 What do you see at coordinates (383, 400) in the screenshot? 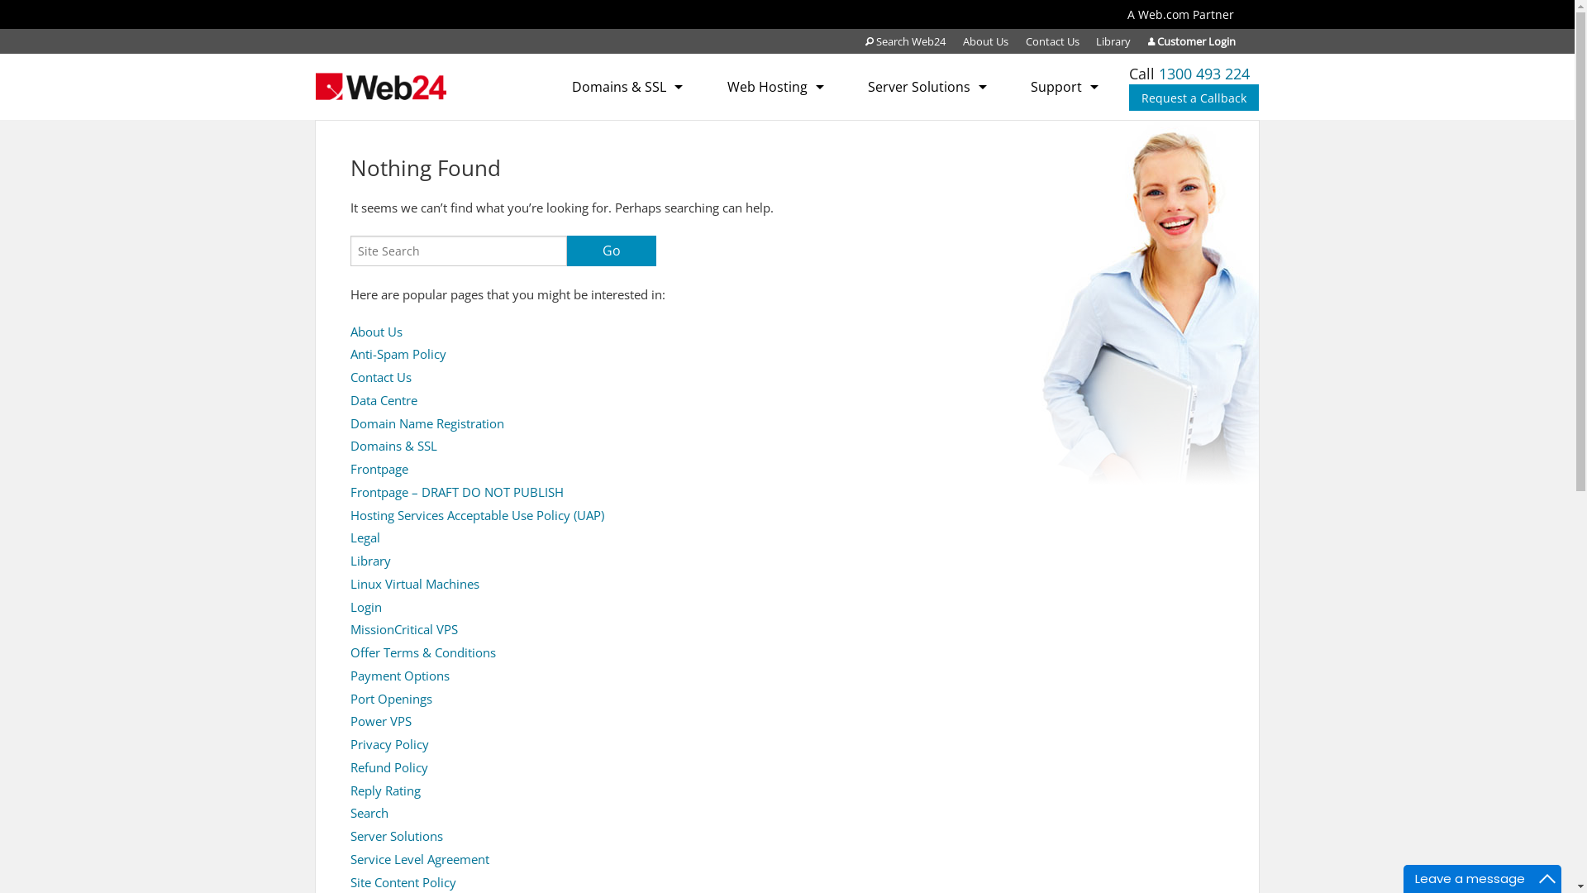
I see `'Data Centre'` at bounding box center [383, 400].